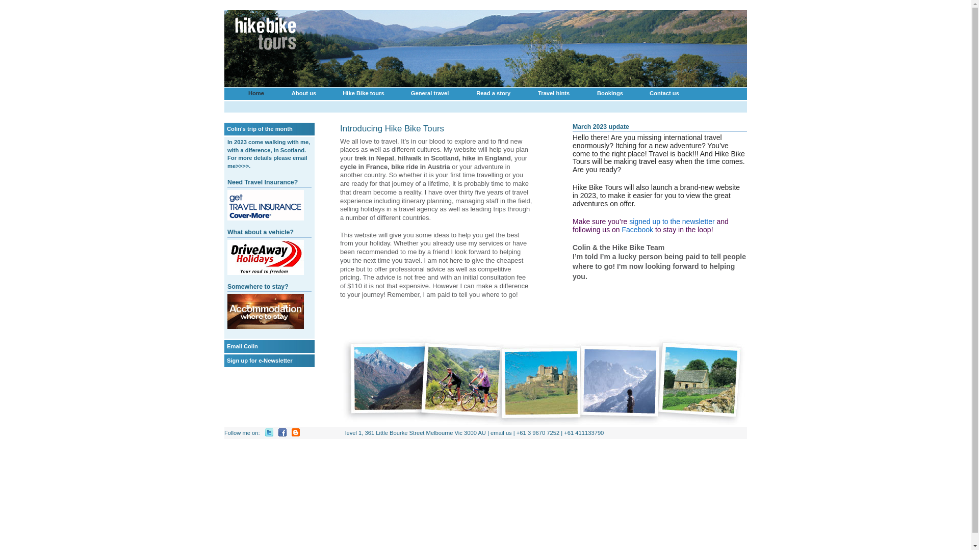 The image size is (979, 550). I want to click on 'email us', so click(501, 432).